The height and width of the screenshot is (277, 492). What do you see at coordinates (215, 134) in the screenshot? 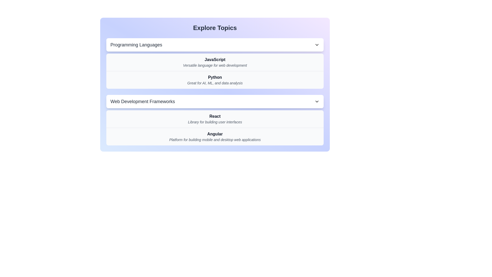
I see `the static text label displaying 'Angular', which is part of the section labeled 'Web Development Frameworks', located below 'React' and above an italicized explanation` at bounding box center [215, 134].